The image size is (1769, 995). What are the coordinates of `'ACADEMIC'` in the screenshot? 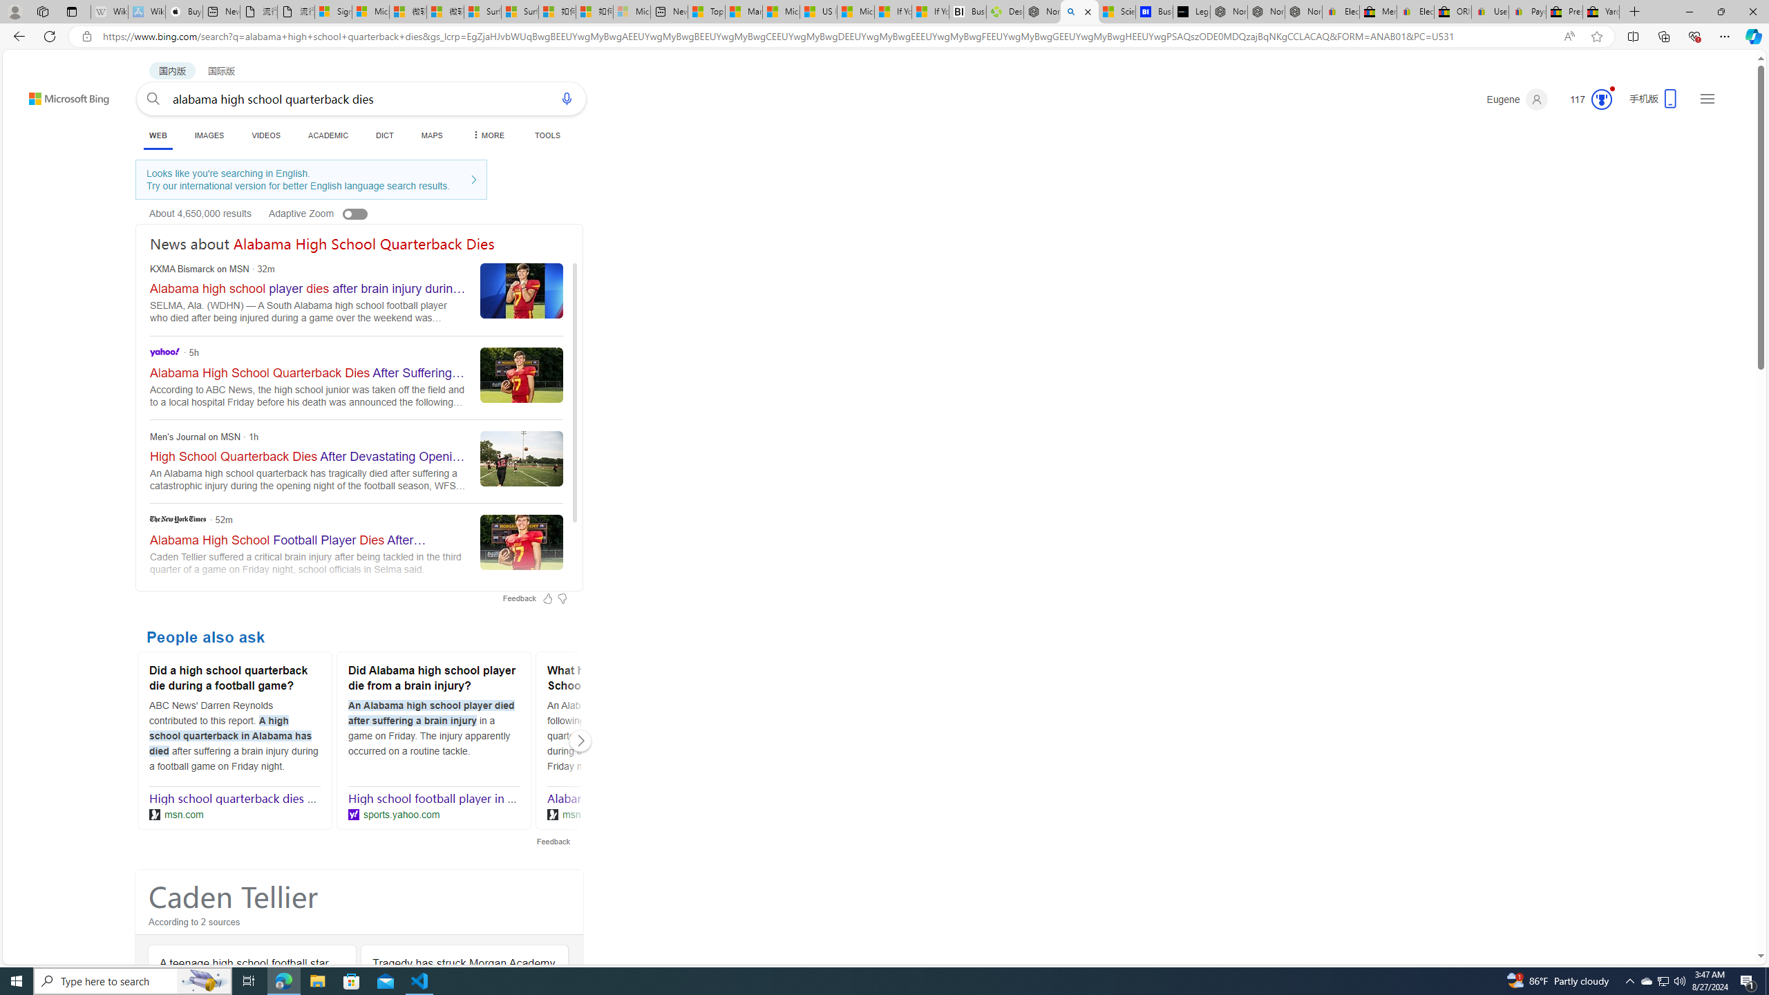 It's located at (327, 135).